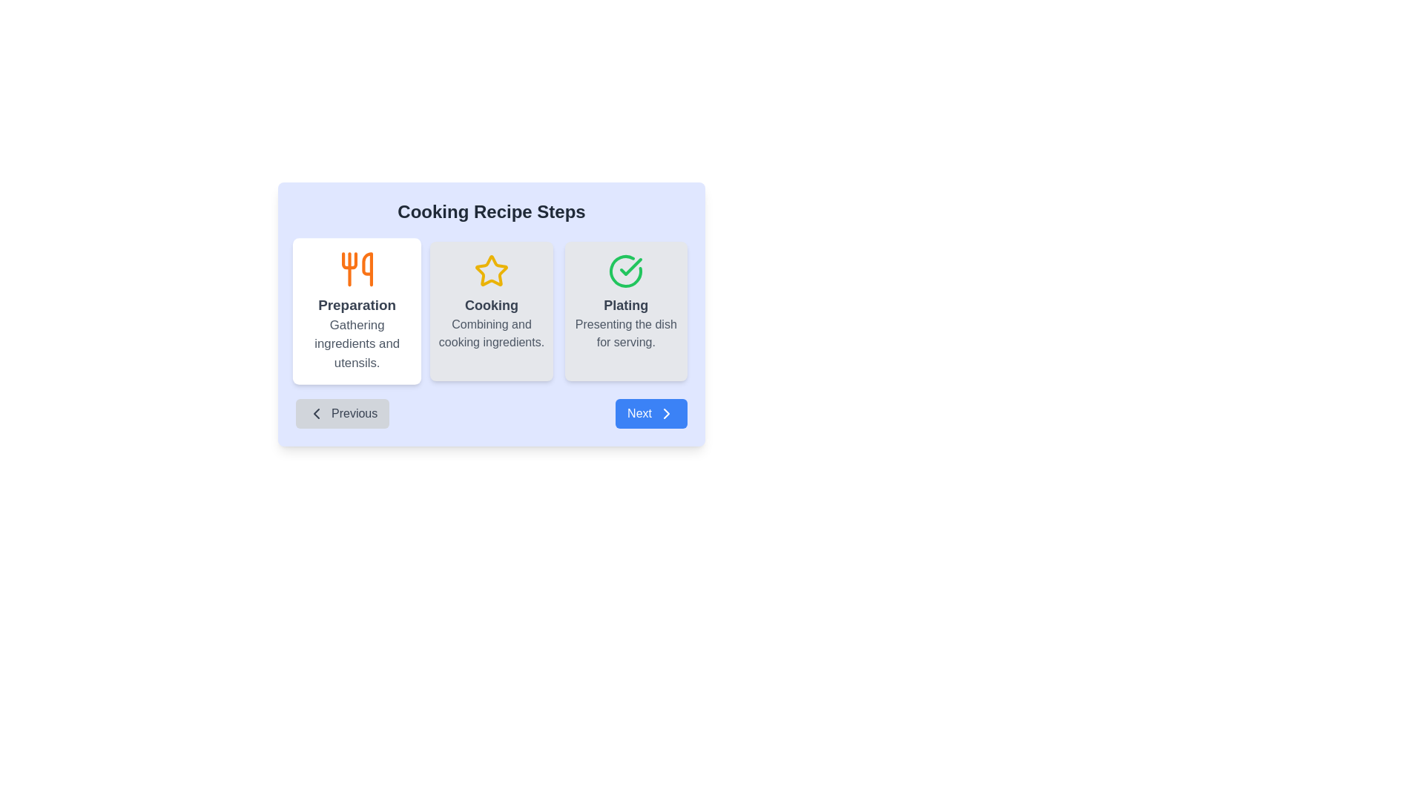 This screenshot has width=1424, height=801. Describe the element at coordinates (491, 271) in the screenshot. I see `the yellow star-shaped icon with a hollow center that is located above the text 'Cooking' in the center card of three horizontal cards` at that location.